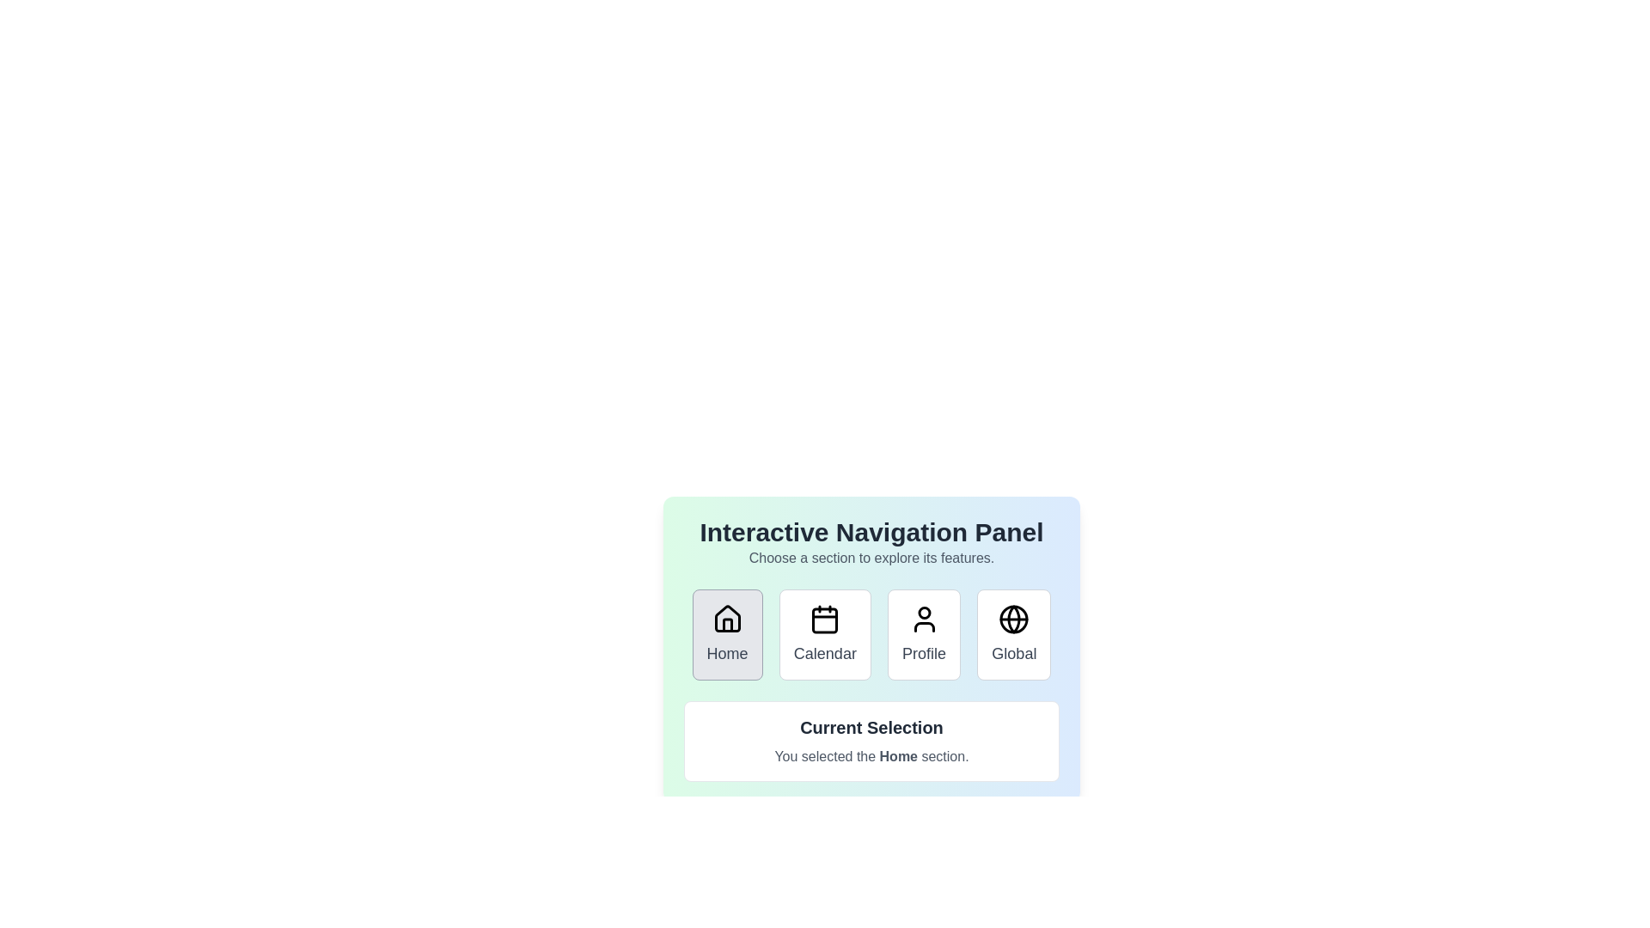 This screenshot has width=1650, height=928. I want to click on the second card from the left in the navigation panel, which has a white background, gray border, and features a black calendar icon above the label 'Calendar', so click(825, 635).